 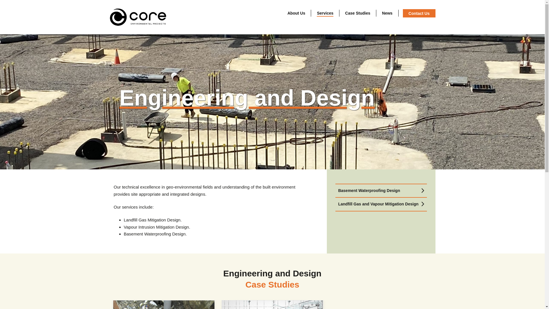 What do you see at coordinates (381, 204) in the screenshot?
I see `'Landfill Gas and Vapour Mitigation Design'` at bounding box center [381, 204].